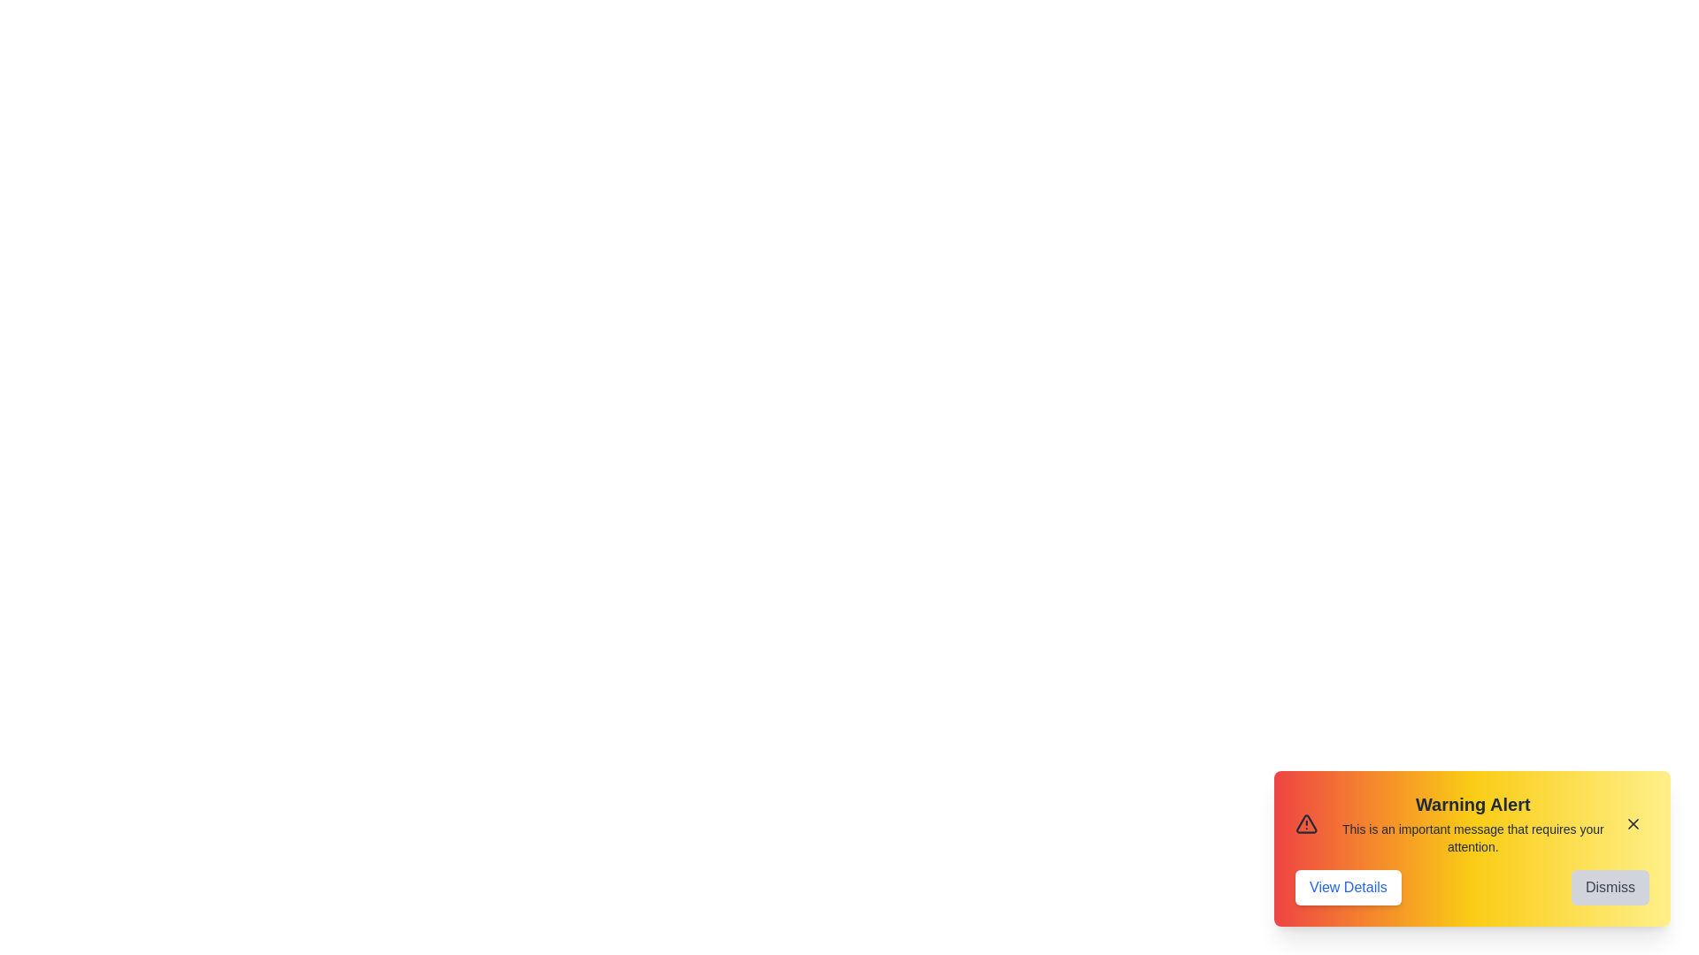 The image size is (1699, 955). Describe the element at coordinates (1610, 887) in the screenshot. I see `the 'Dismiss' button to close the alert` at that location.